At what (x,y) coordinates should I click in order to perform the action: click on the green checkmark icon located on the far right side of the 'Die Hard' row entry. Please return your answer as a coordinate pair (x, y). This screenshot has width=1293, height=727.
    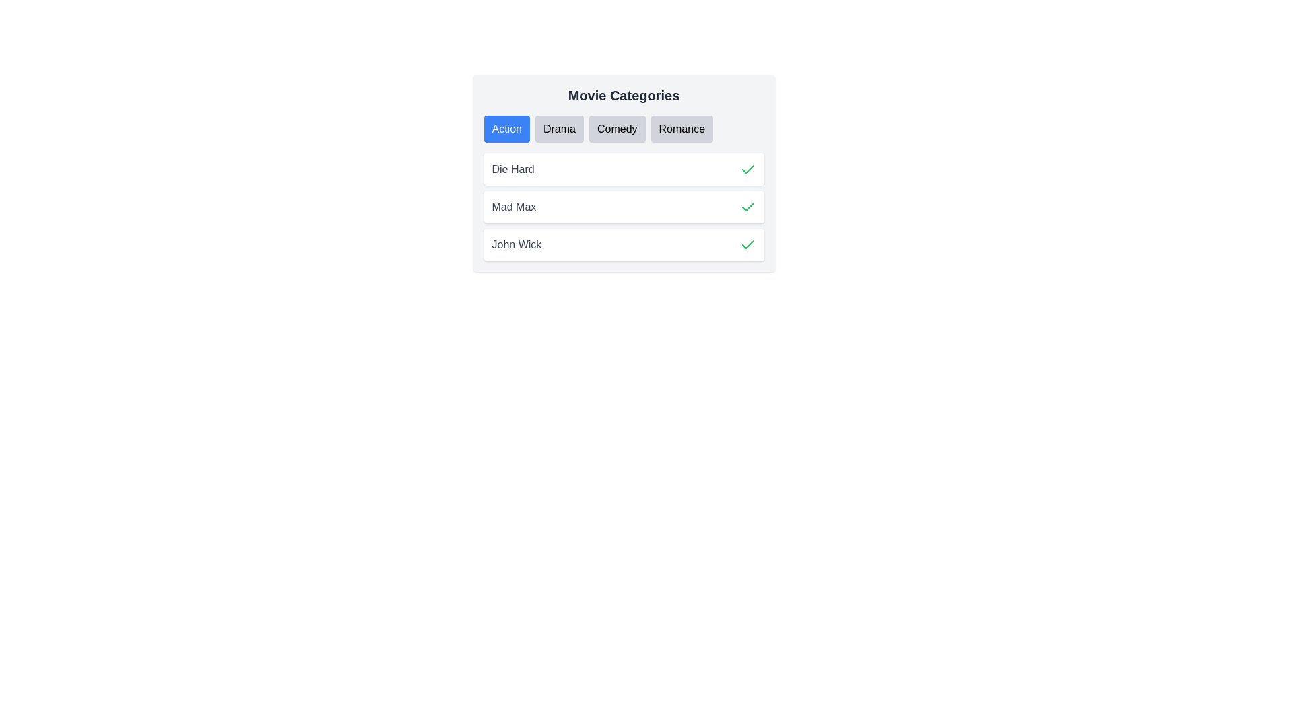
    Looking at the image, I should click on (747, 168).